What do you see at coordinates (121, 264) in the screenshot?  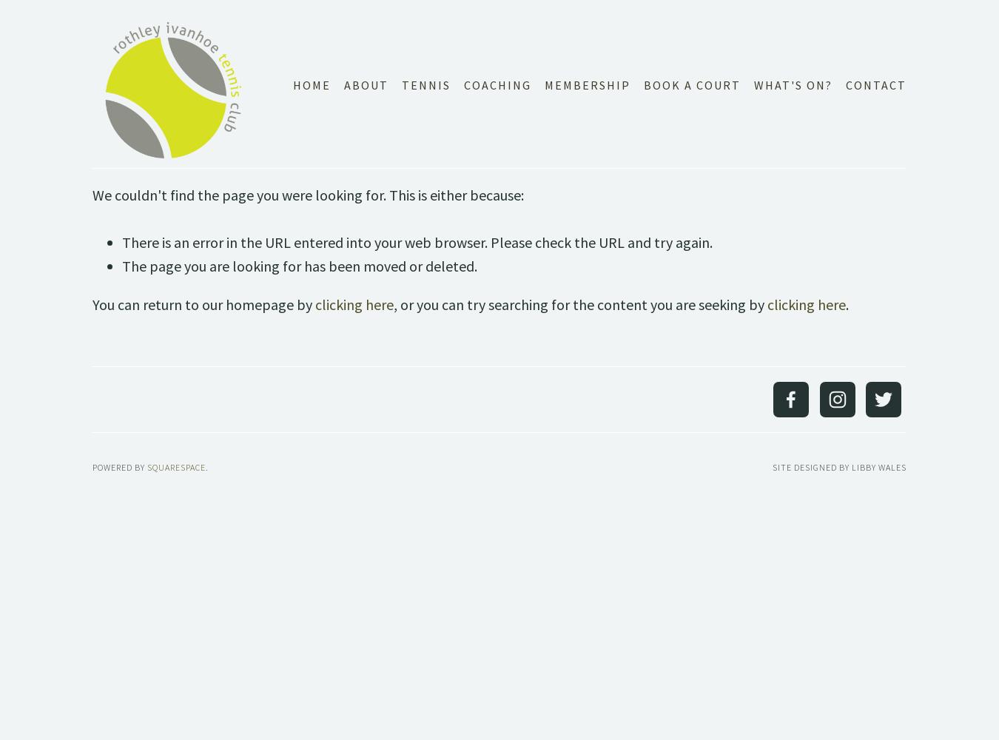 I see `'The page you are looking for has been moved or deleted.'` at bounding box center [121, 264].